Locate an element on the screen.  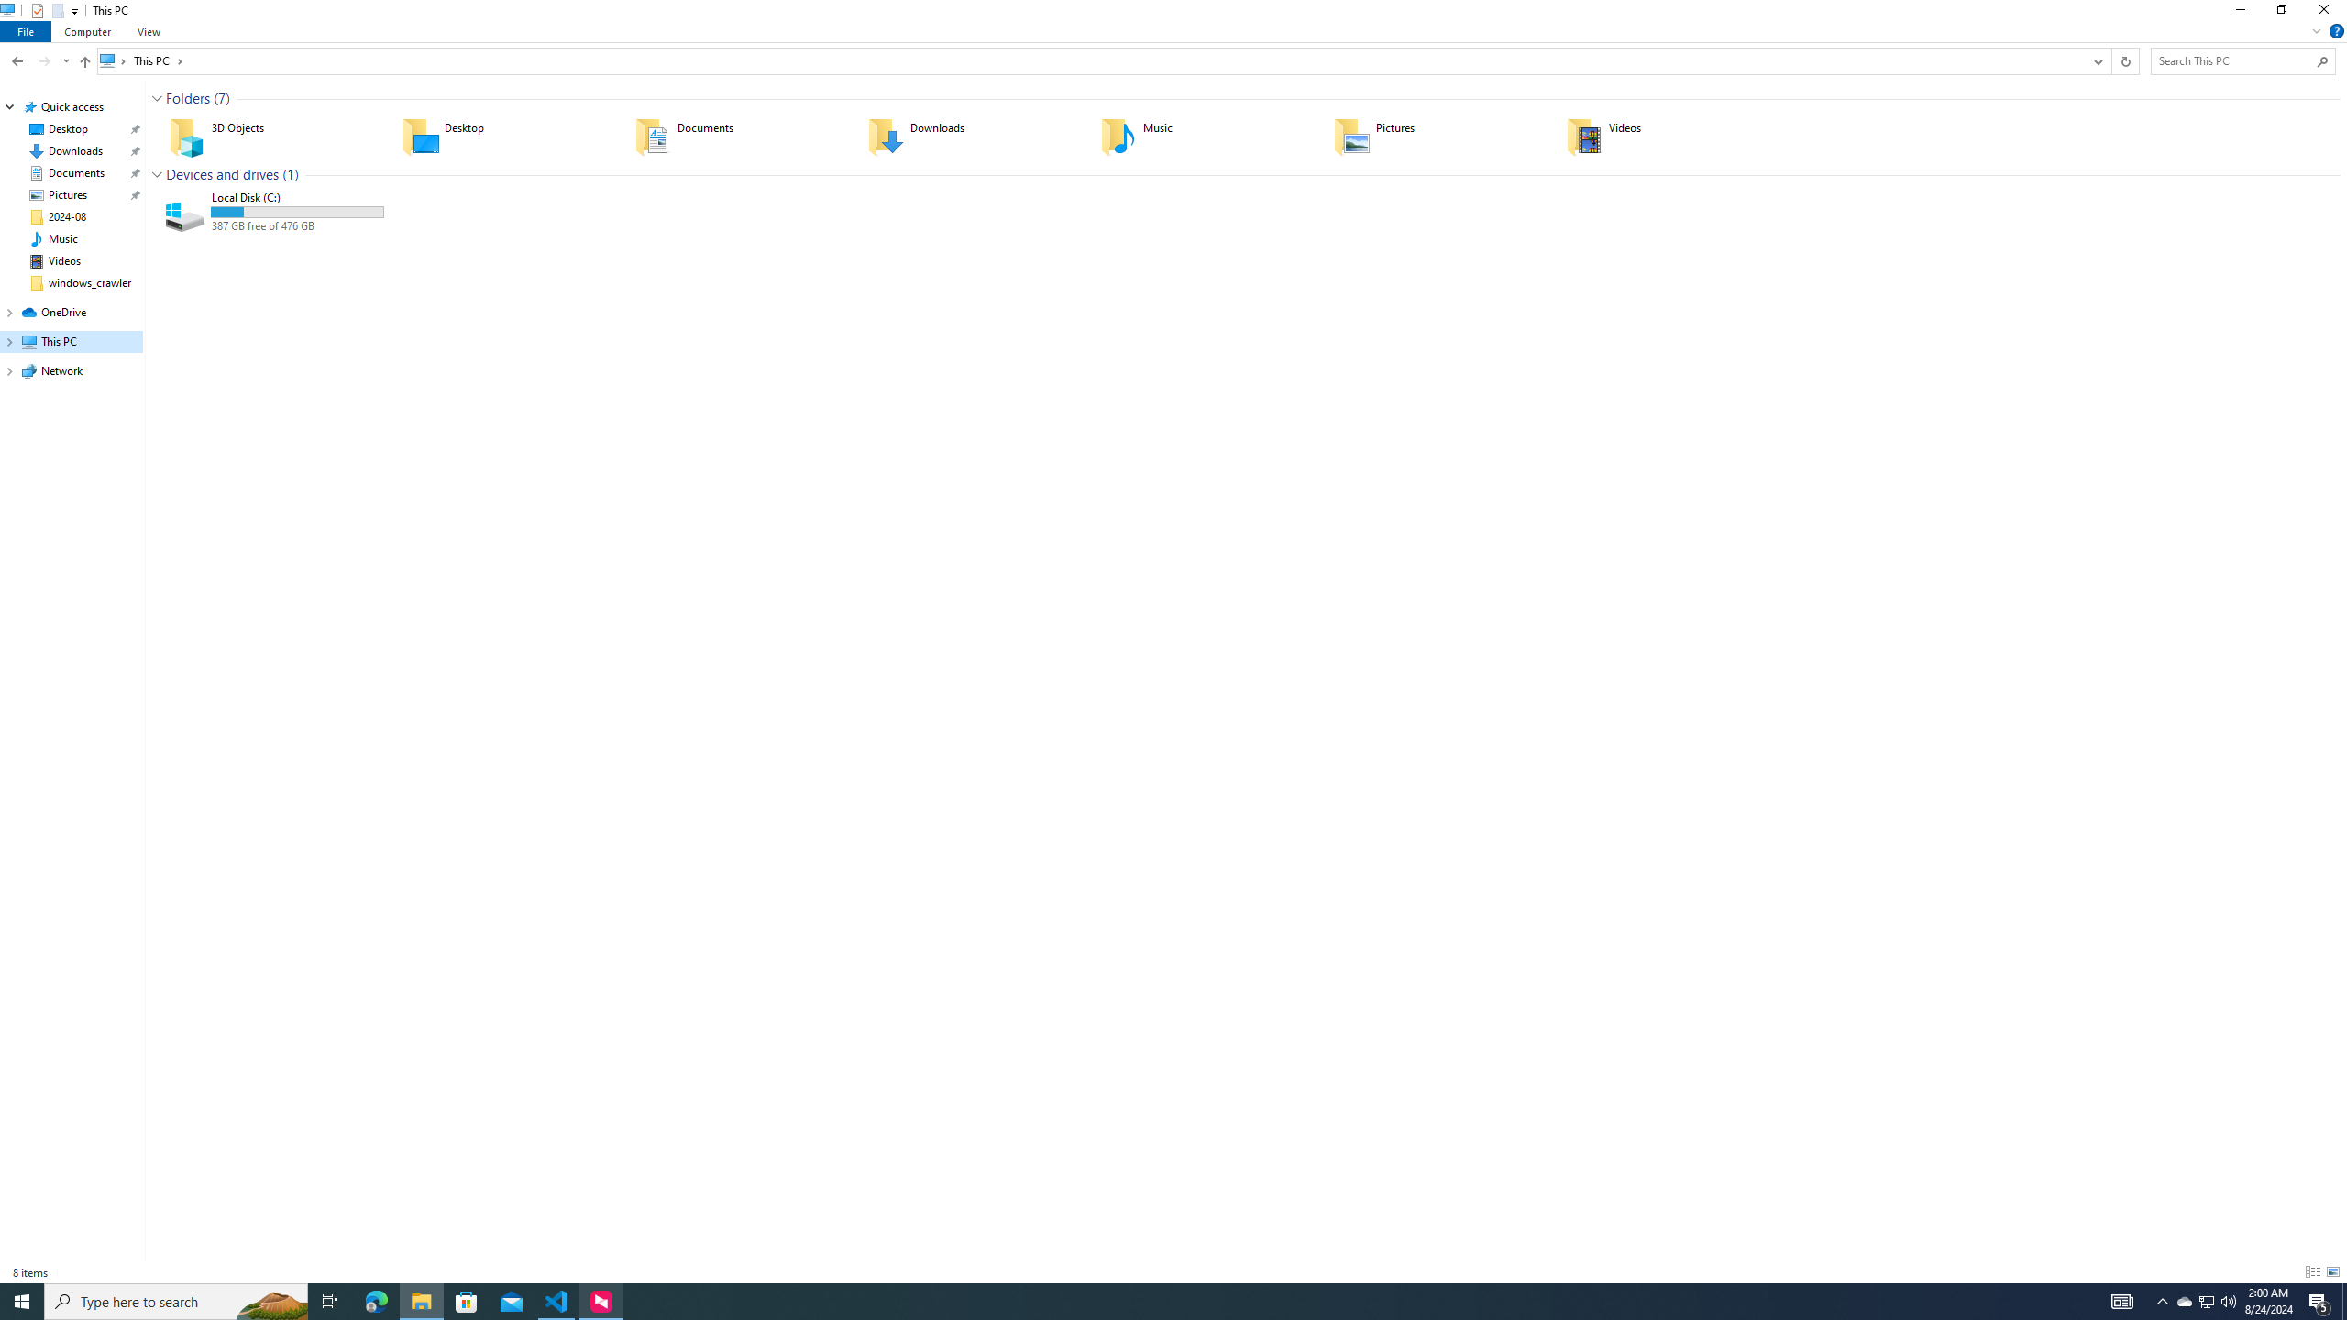
'Search Box' is located at coordinates (2234, 60).